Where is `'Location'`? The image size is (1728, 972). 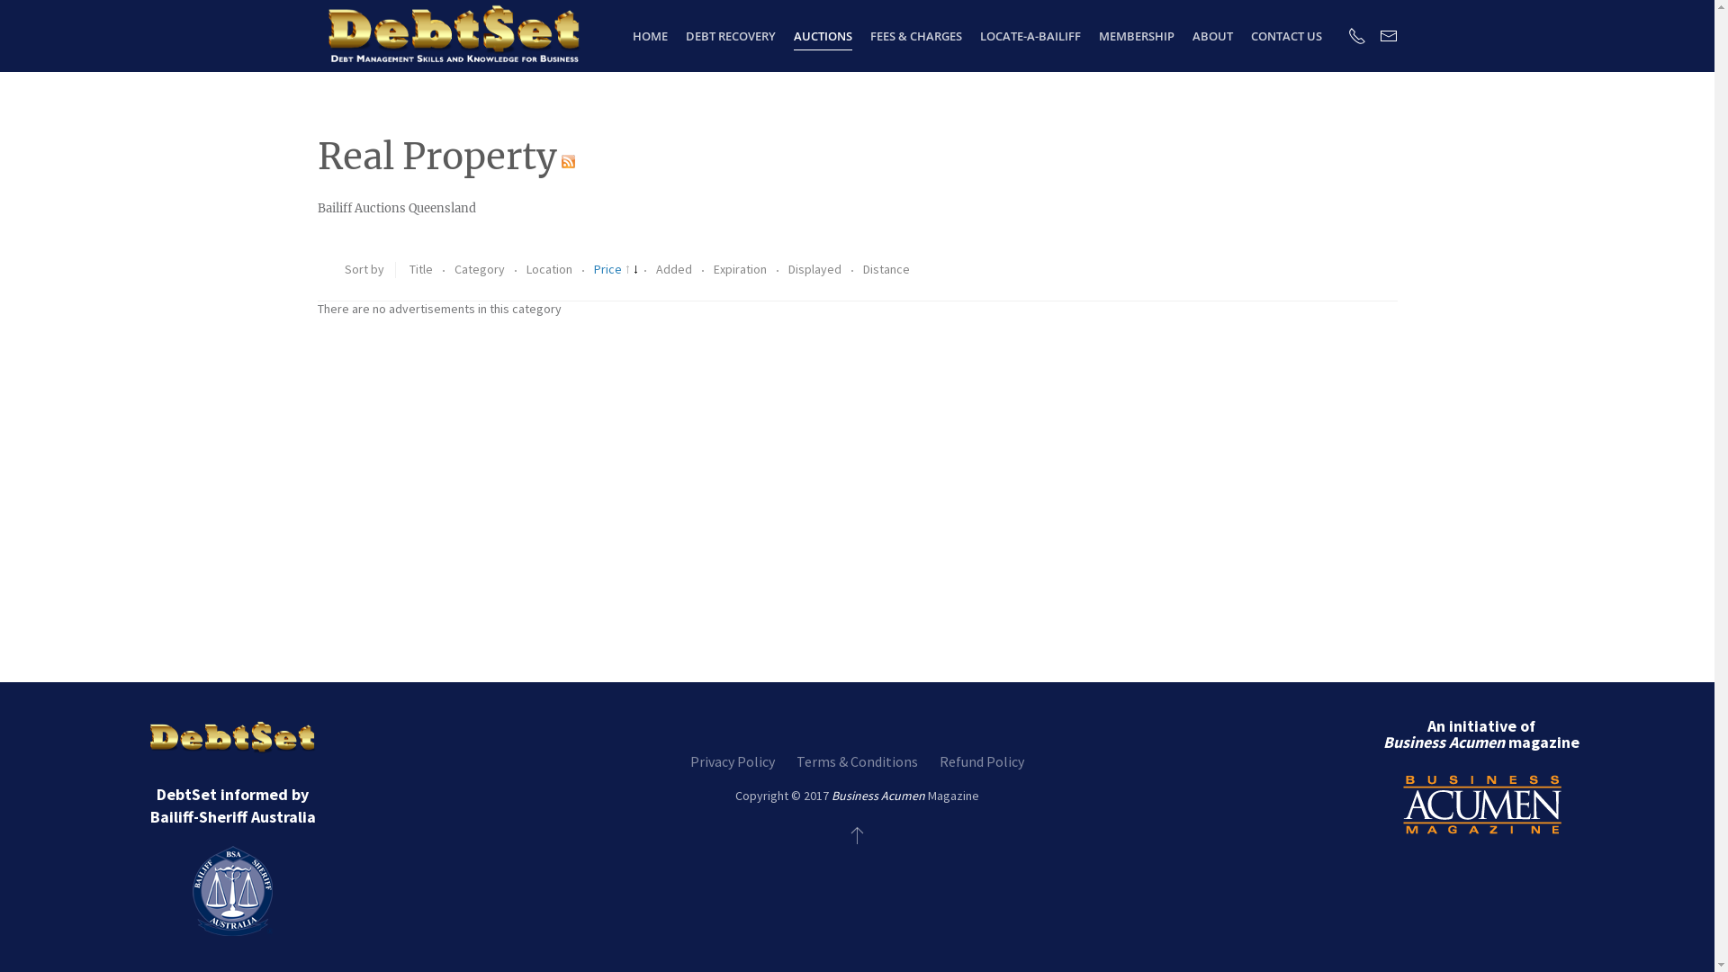 'Location' is located at coordinates (548, 269).